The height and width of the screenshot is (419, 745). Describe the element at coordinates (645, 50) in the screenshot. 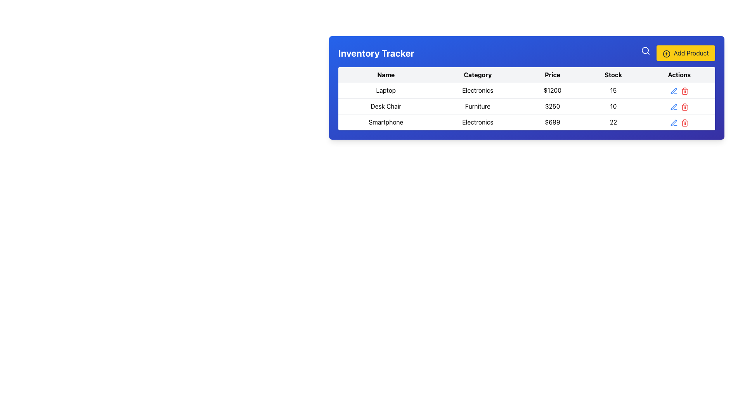

I see `the circular component of the search icon located in the top-right section of the interface for accessibility purposes` at that location.